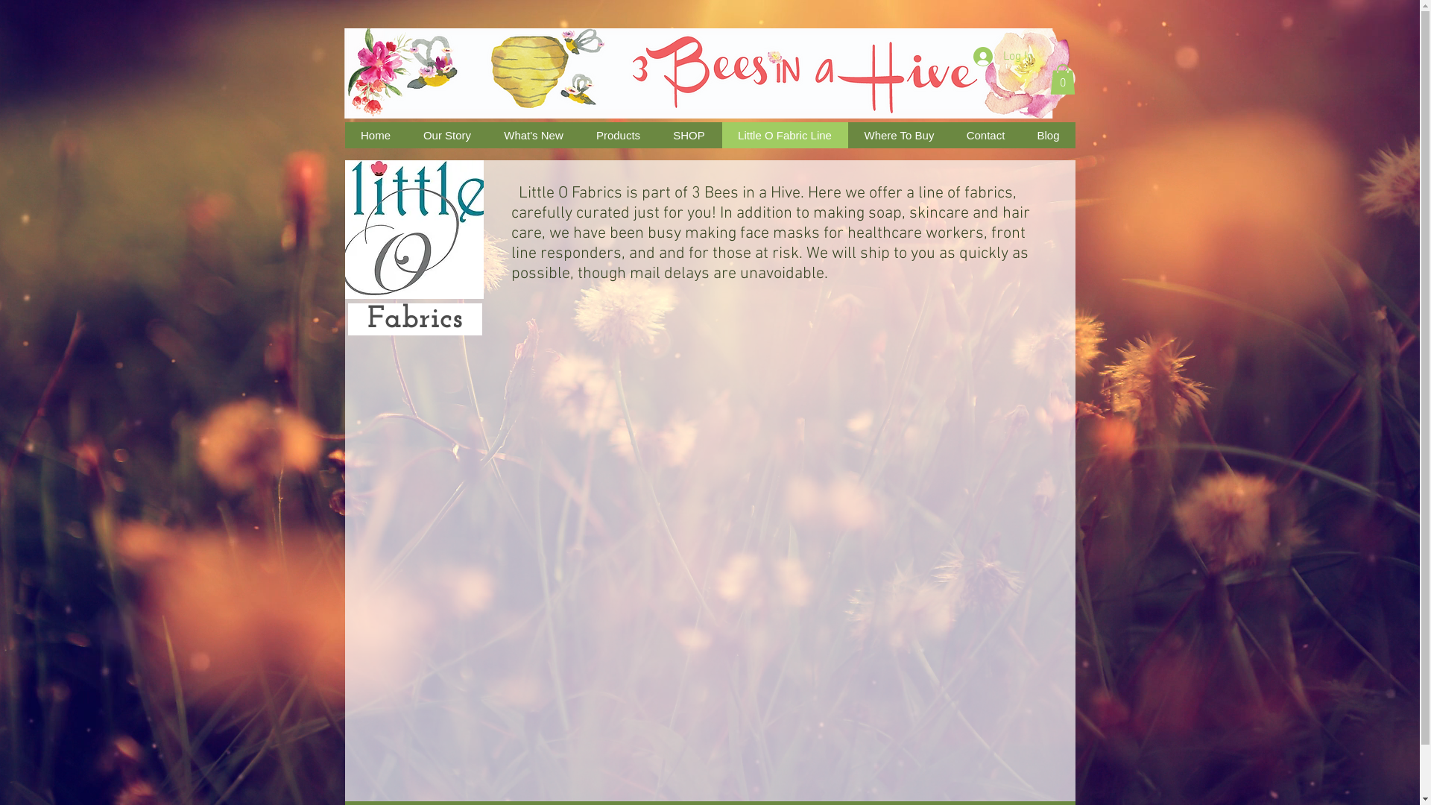  What do you see at coordinates (1003, 56) in the screenshot?
I see `'Log In'` at bounding box center [1003, 56].